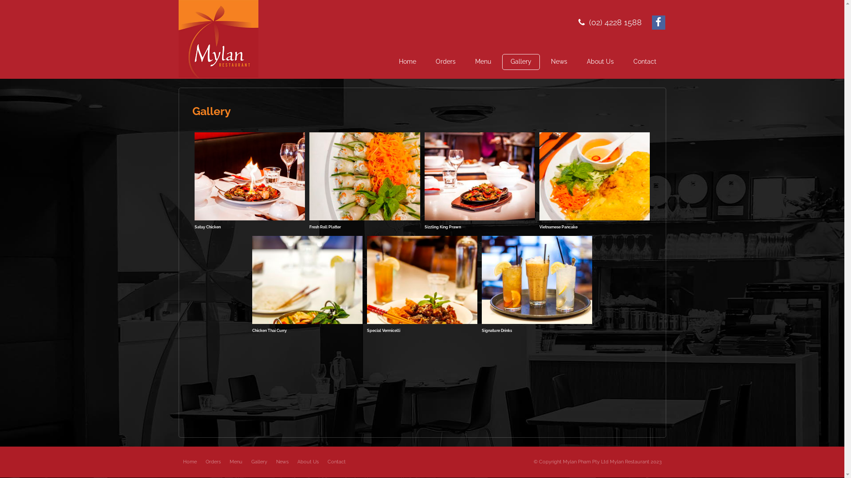  What do you see at coordinates (406, 61) in the screenshot?
I see `'Home'` at bounding box center [406, 61].